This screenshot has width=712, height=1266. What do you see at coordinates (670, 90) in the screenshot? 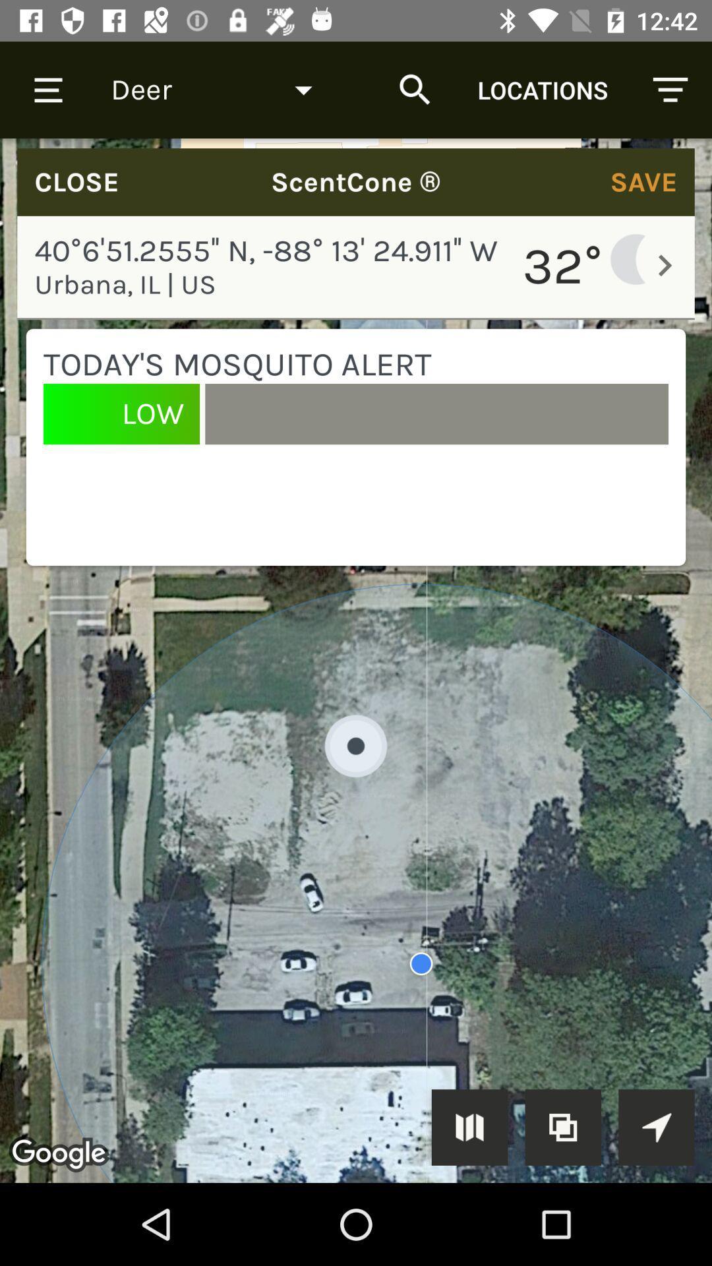
I see `icon at top right corner` at bounding box center [670, 90].